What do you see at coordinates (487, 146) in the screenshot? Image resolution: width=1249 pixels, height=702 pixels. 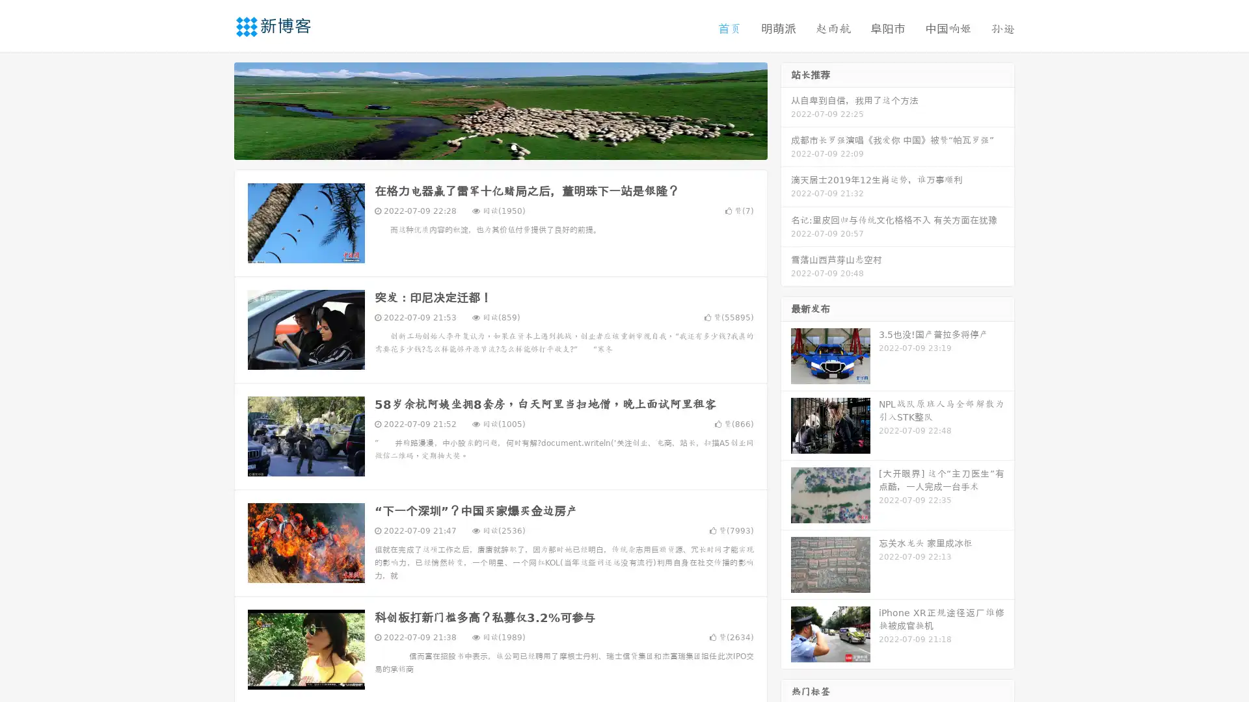 I see `Go to slide 1` at bounding box center [487, 146].